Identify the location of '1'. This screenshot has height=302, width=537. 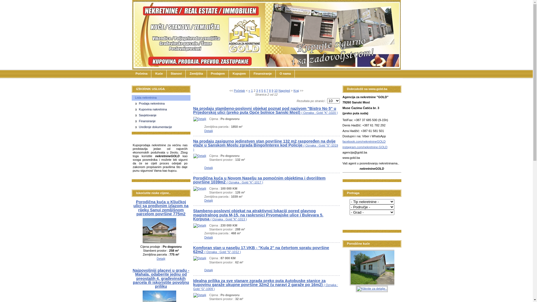
(251, 90).